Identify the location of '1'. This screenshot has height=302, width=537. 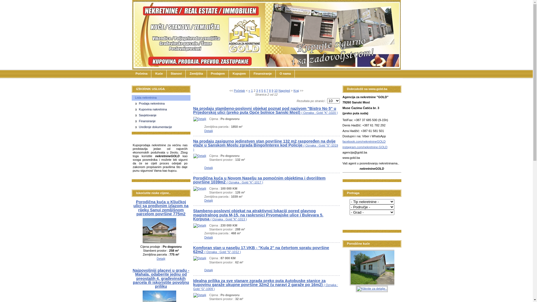
(251, 90).